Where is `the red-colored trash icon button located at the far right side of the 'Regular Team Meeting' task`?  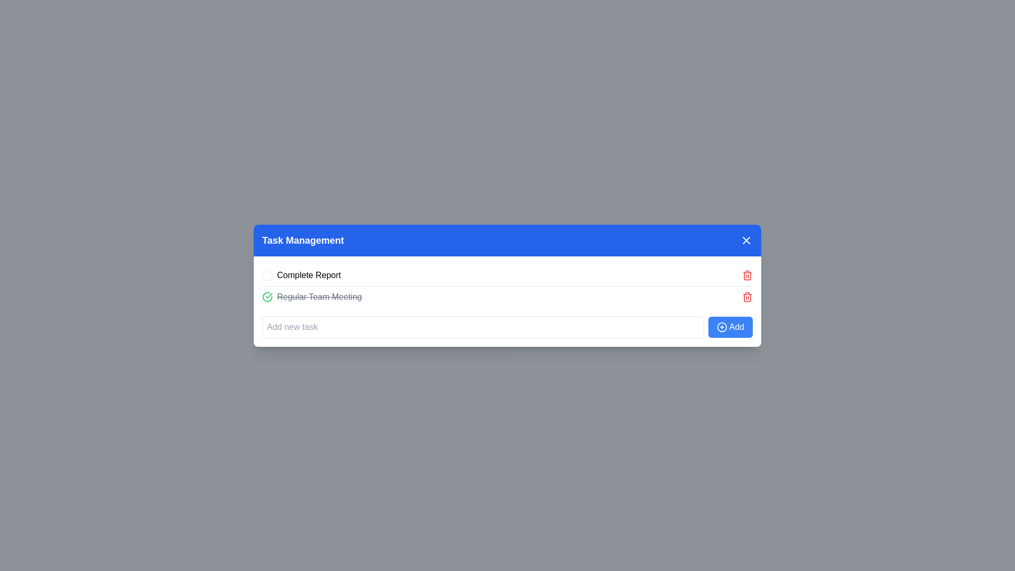
the red-colored trash icon button located at the far right side of the 'Regular Team Meeting' task is located at coordinates (747, 297).